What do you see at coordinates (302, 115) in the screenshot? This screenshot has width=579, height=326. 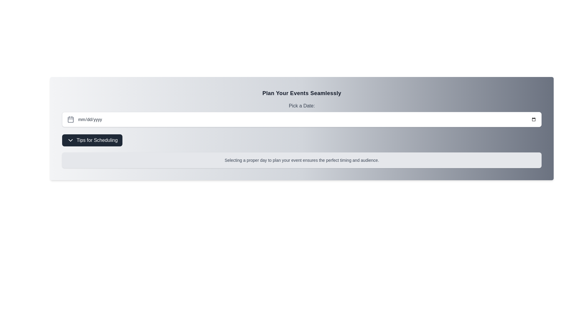 I see `the label with the text 'Pick a Date:' that is styled with a medium gray font and located above the date picker input field` at bounding box center [302, 115].